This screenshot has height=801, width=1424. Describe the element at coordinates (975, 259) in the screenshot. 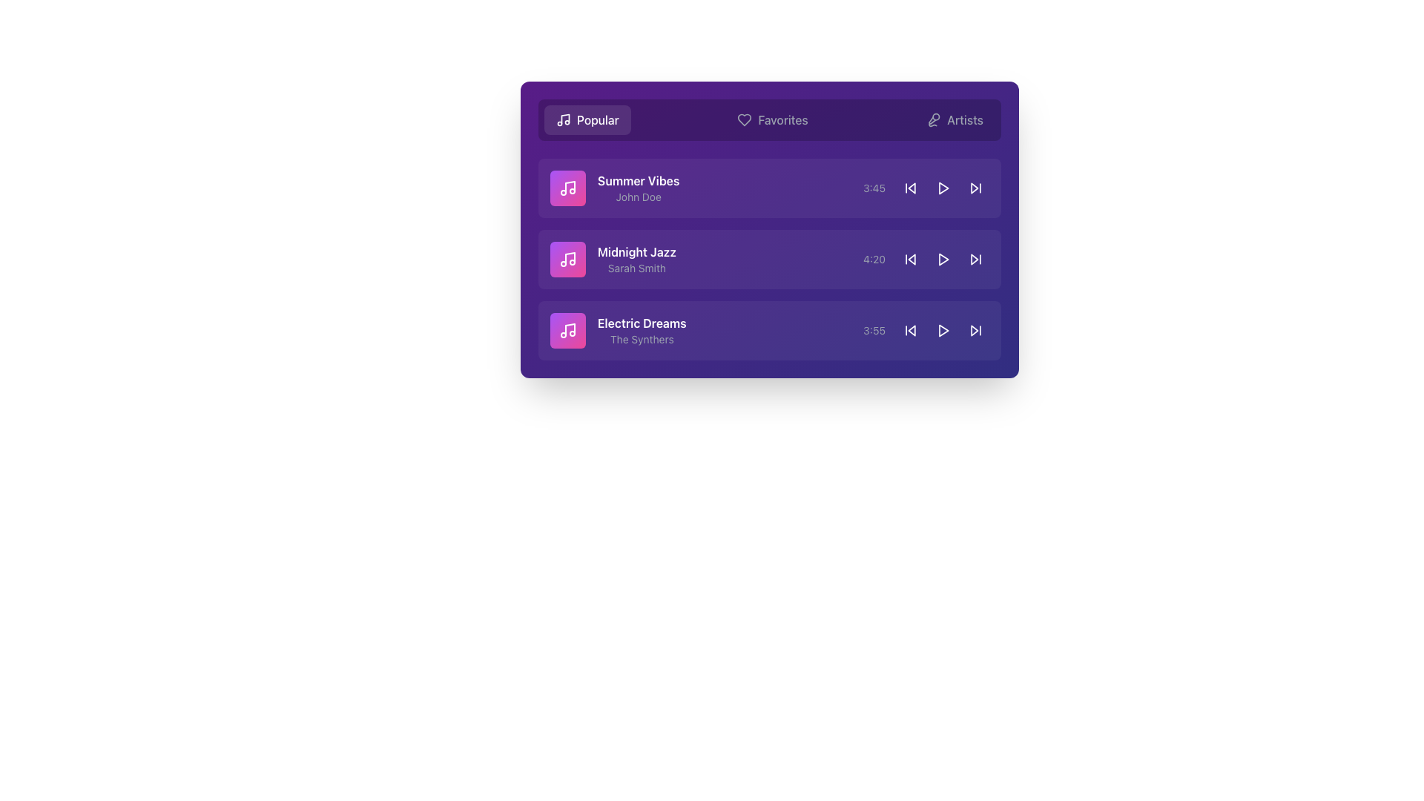

I see `the circular button with a forward icon to skip to the next track` at that location.